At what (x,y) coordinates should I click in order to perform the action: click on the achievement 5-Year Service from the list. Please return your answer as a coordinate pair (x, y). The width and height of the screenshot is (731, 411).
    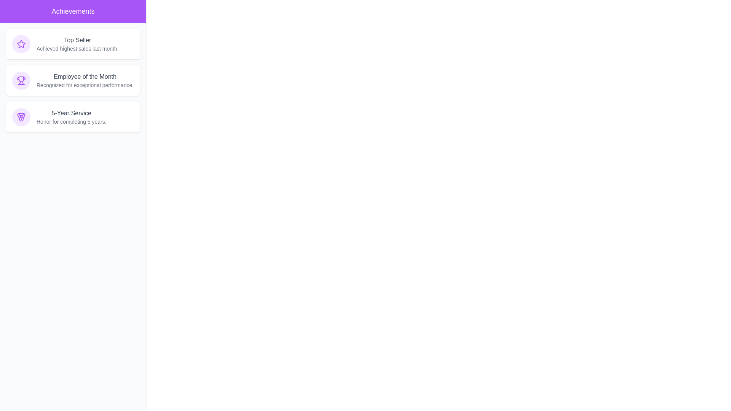
    Looking at the image, I should click on (73, 117).